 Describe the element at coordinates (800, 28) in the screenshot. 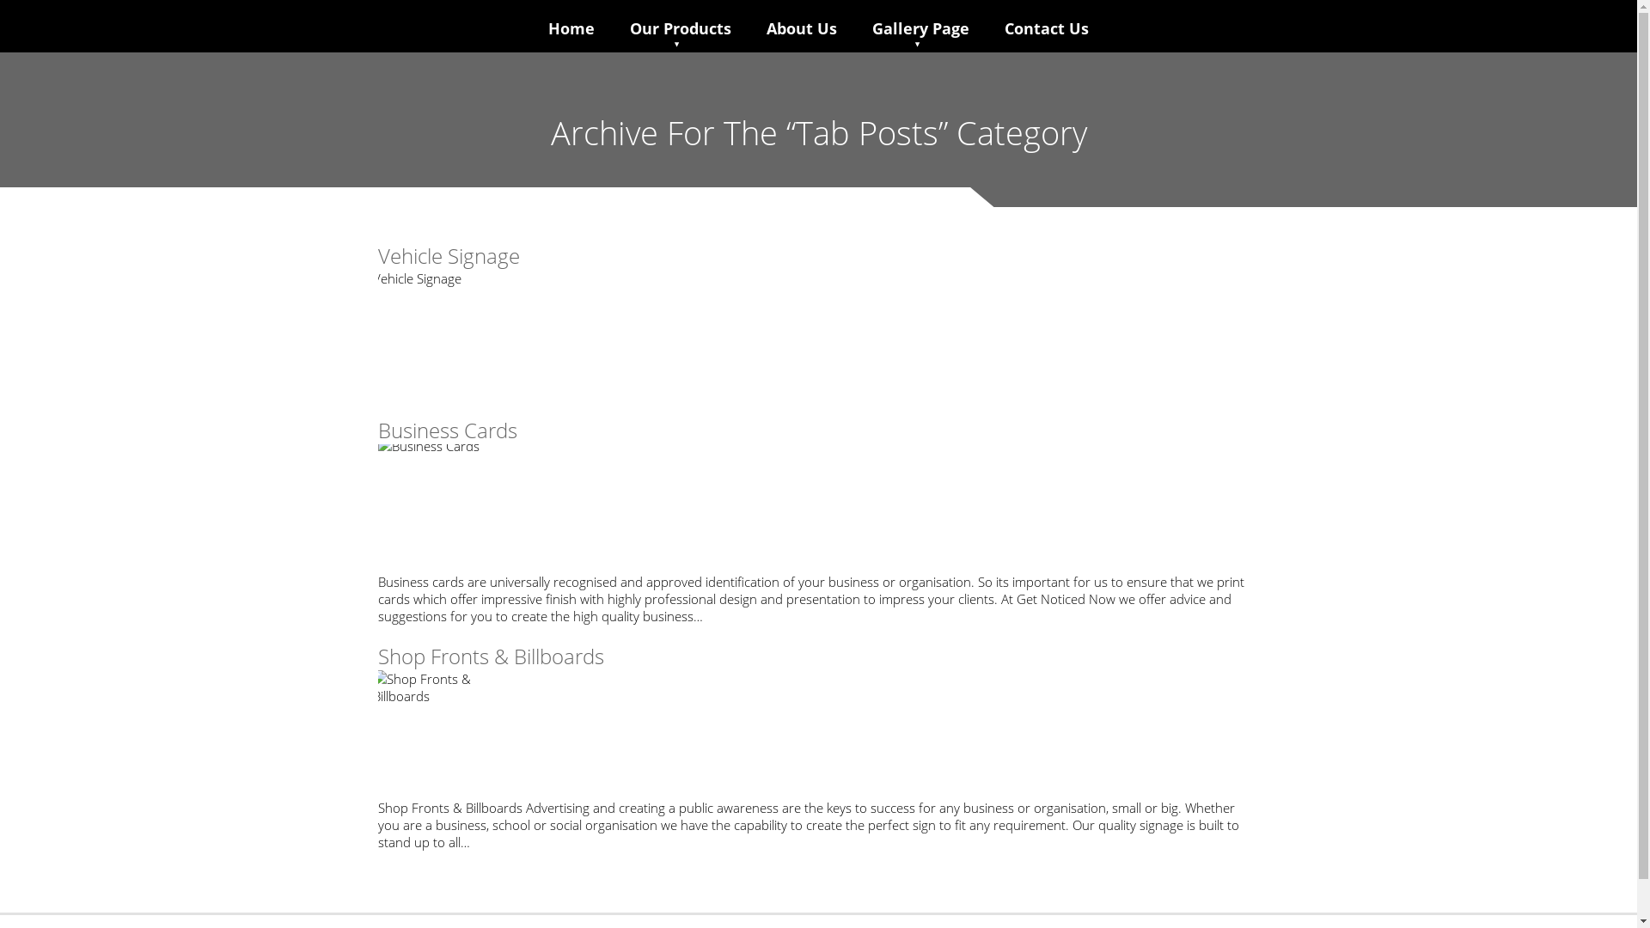

I see `'About Us'` at that location.